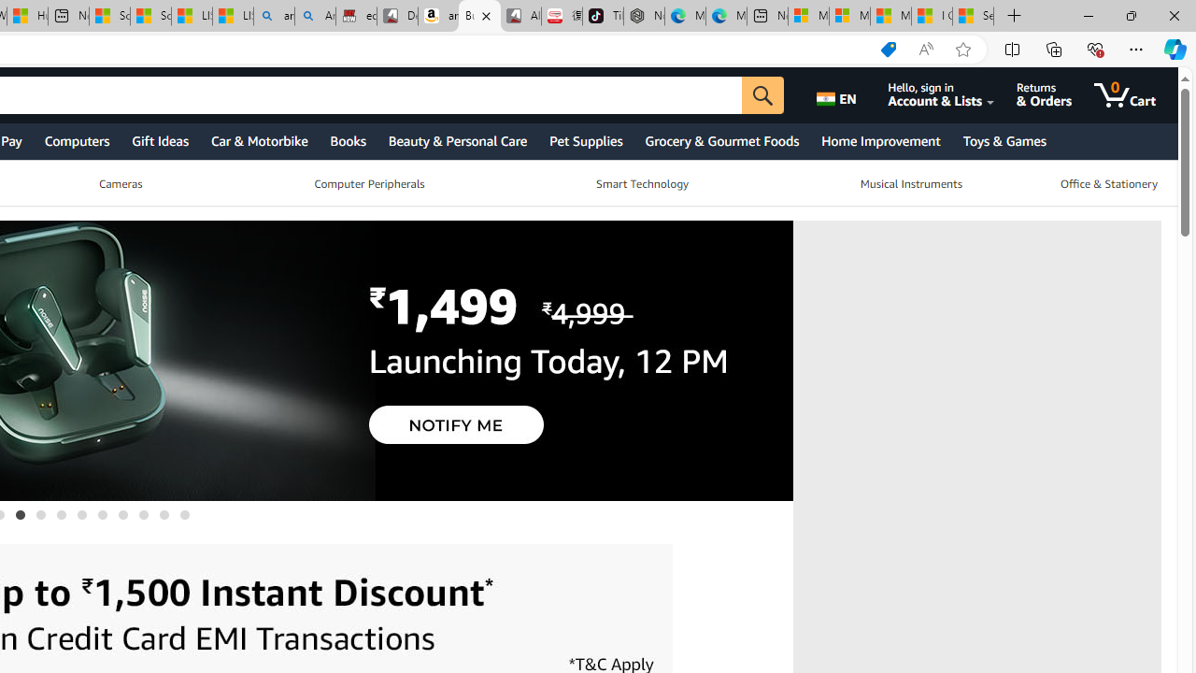 The height and width of the screenshot is (673, 1196). I want to click on 'Returns & Orders', so click(1058, 94).